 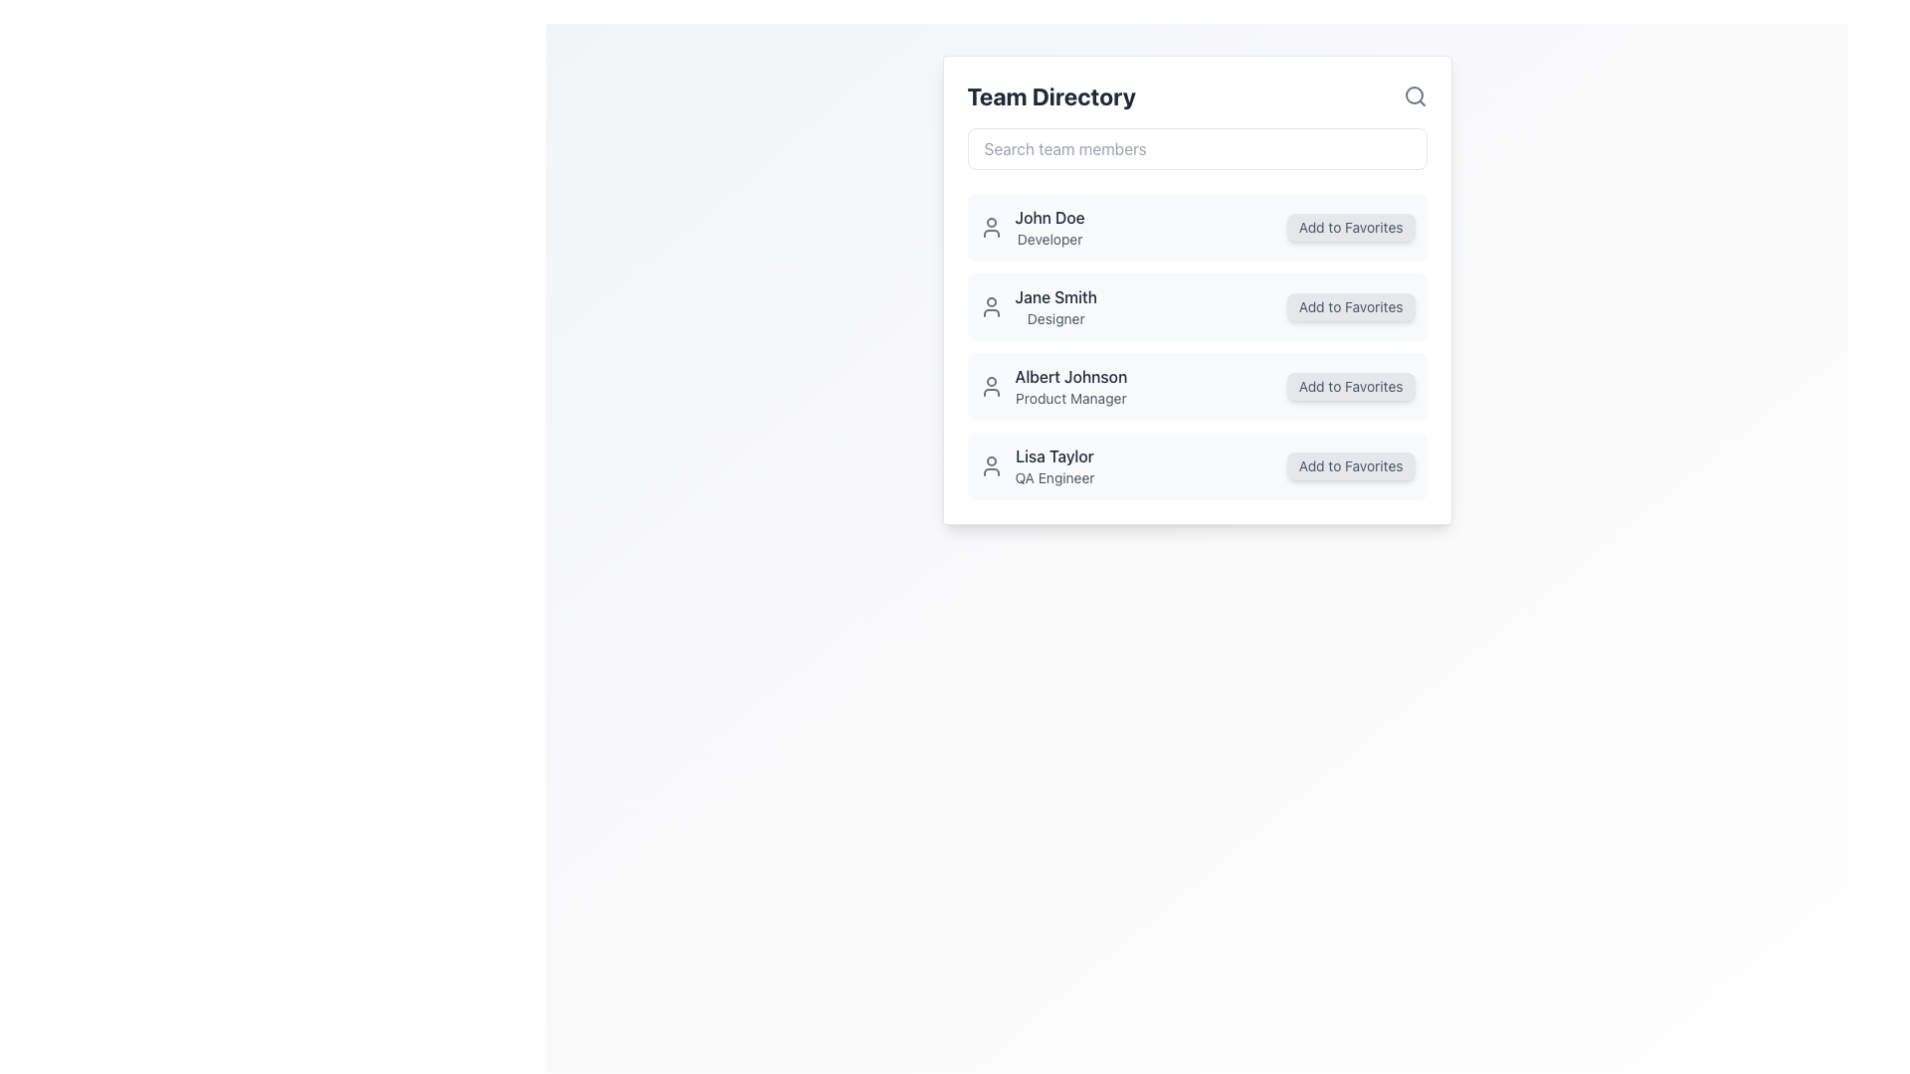 What do you see at coordinates (1351, 306) in the screenshot?
I see `the 'Add to Favorites' button located in the second row of the team members list, next to 'Jane Smith', to mark the profile as a favorite` at bounding box center [1351, 306].